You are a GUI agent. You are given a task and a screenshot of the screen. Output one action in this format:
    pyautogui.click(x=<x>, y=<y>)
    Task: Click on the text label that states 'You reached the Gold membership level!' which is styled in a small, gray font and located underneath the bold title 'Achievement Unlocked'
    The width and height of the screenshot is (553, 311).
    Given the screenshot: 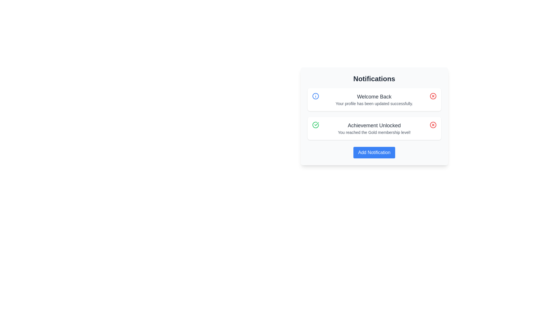 What is the action you would take?
    pyautogui.click(x=374, y=132)
    